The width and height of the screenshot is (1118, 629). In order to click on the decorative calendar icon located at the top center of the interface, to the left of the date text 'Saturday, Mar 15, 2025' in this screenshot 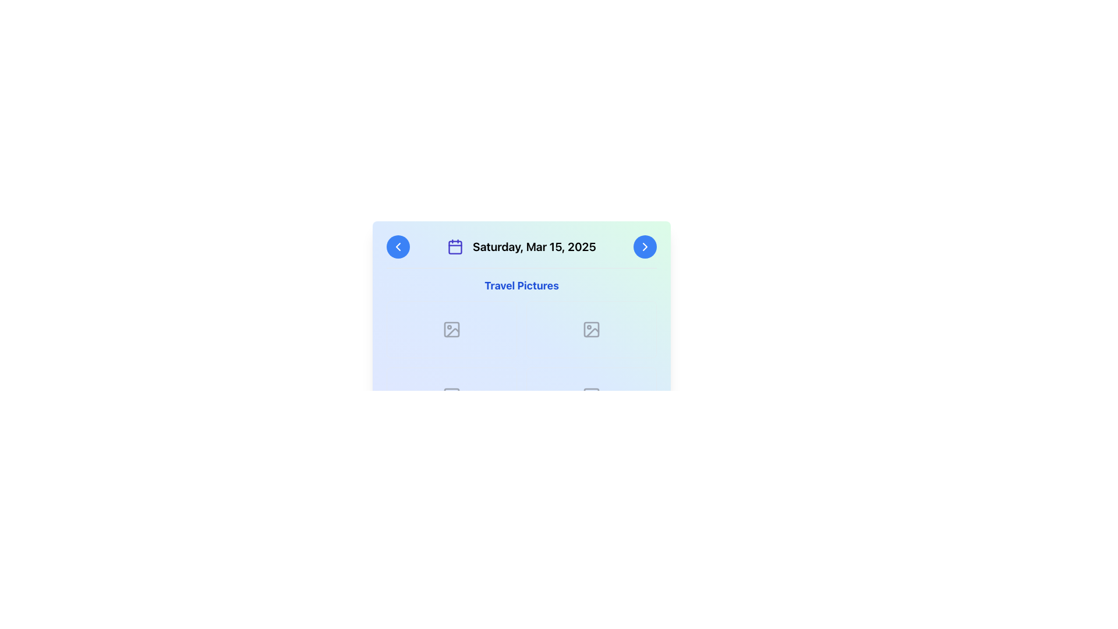, I will do `click(455, 247)`.